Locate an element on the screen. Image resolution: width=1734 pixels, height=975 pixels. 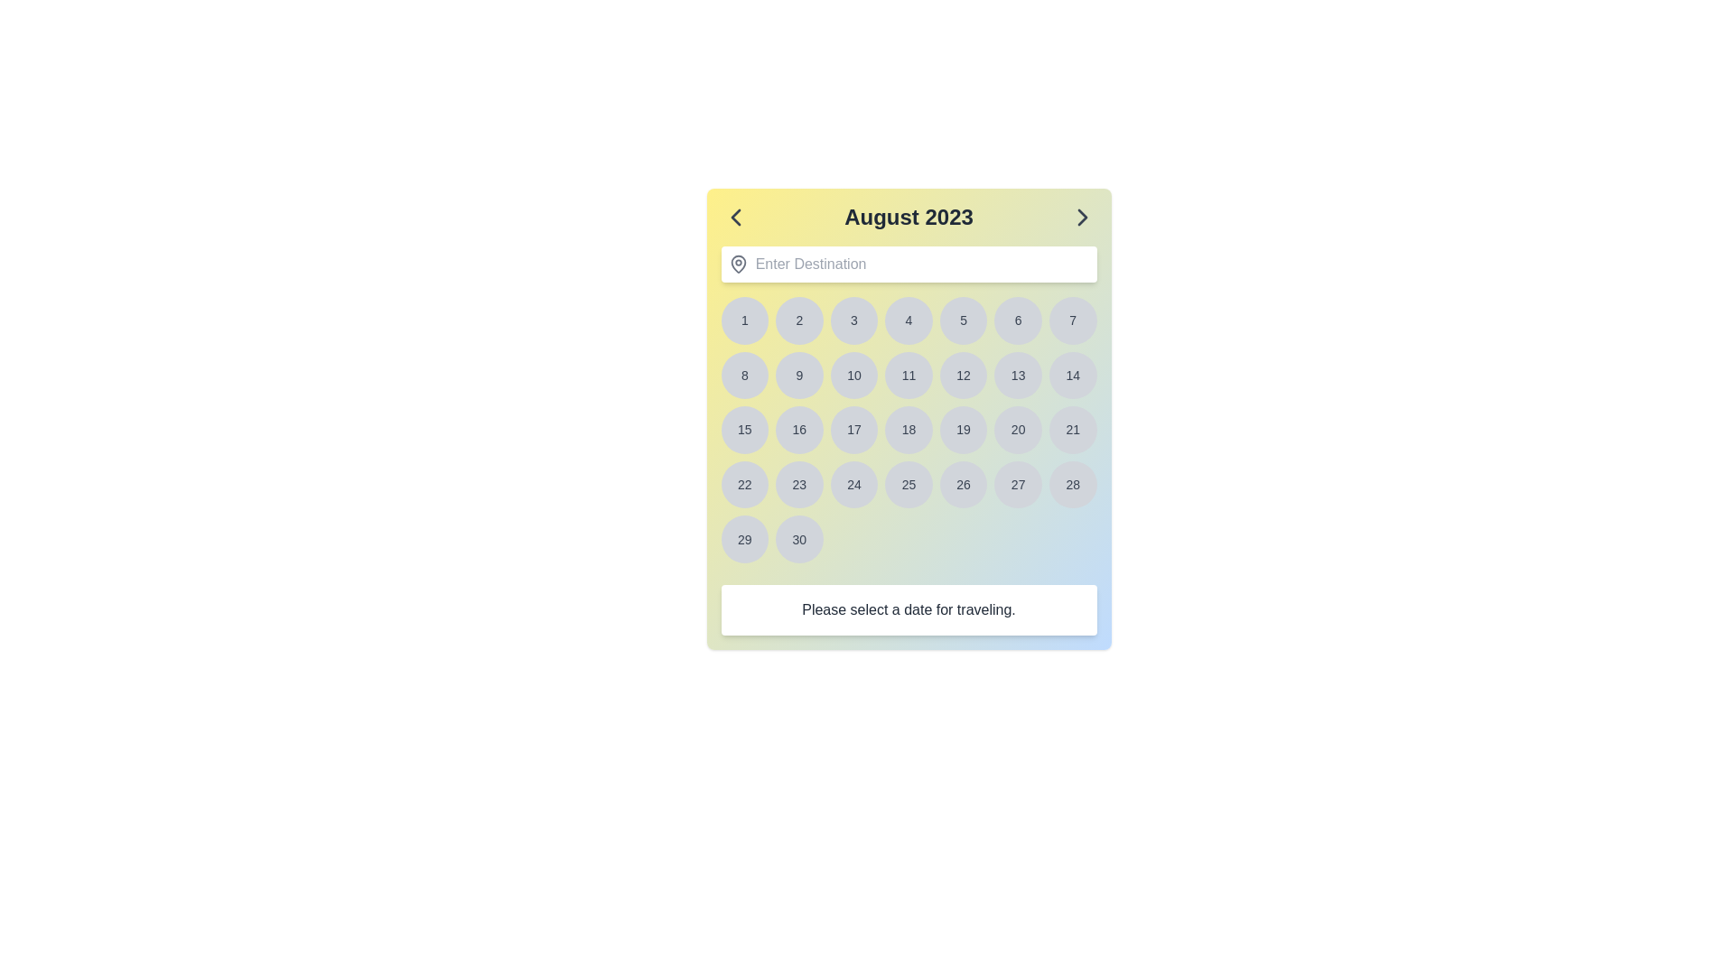
the circular button labeled '6' in the calendar layout for August 2023 is located at coordinates (1018, 320).